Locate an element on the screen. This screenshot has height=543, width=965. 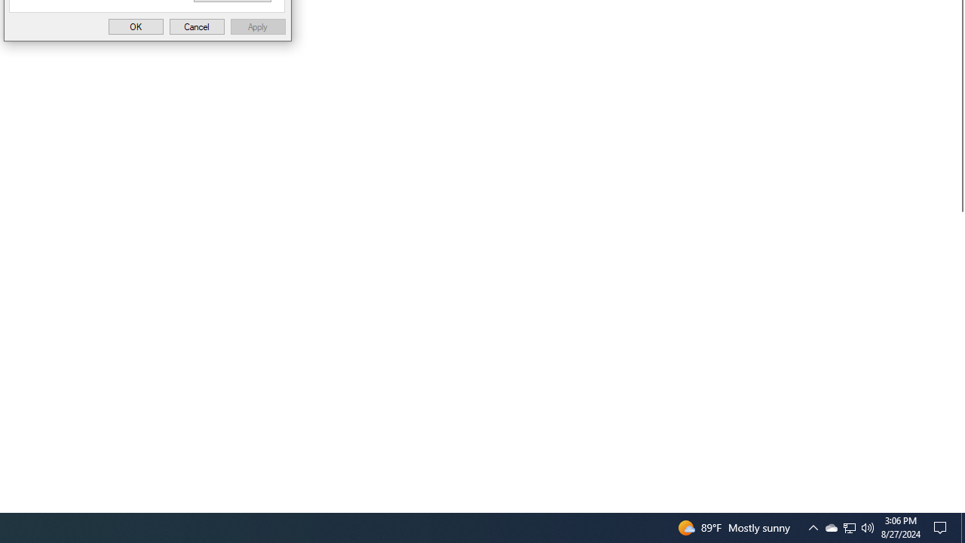
'Show desktop' is located at coordinates (962, 526).